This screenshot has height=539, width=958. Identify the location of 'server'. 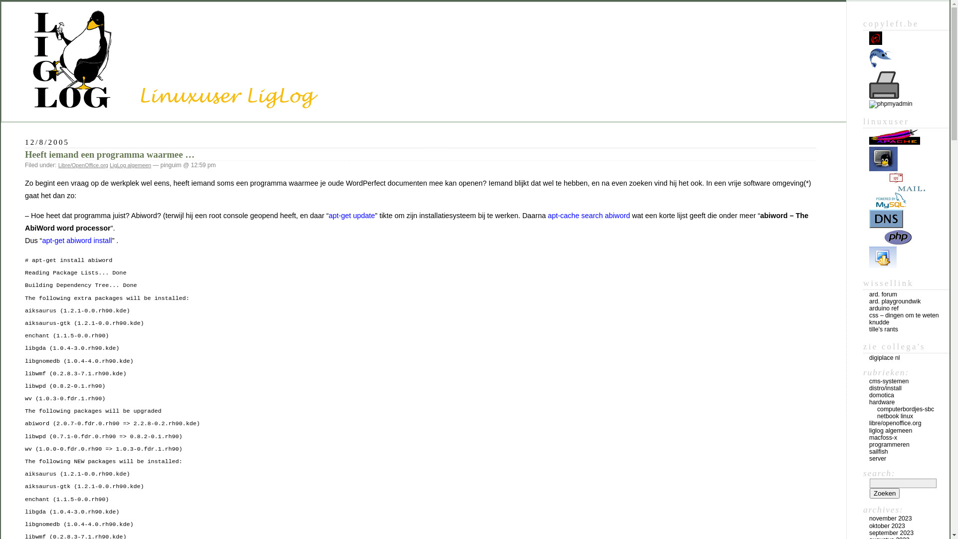
(877, 458).